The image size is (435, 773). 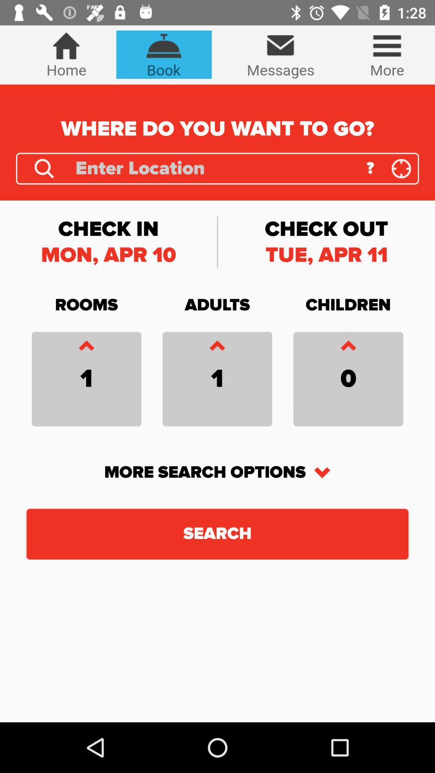 What do you see at coordinates (348, 347) in the screenshot?
I see `go up` at bounding box center [348, 347].